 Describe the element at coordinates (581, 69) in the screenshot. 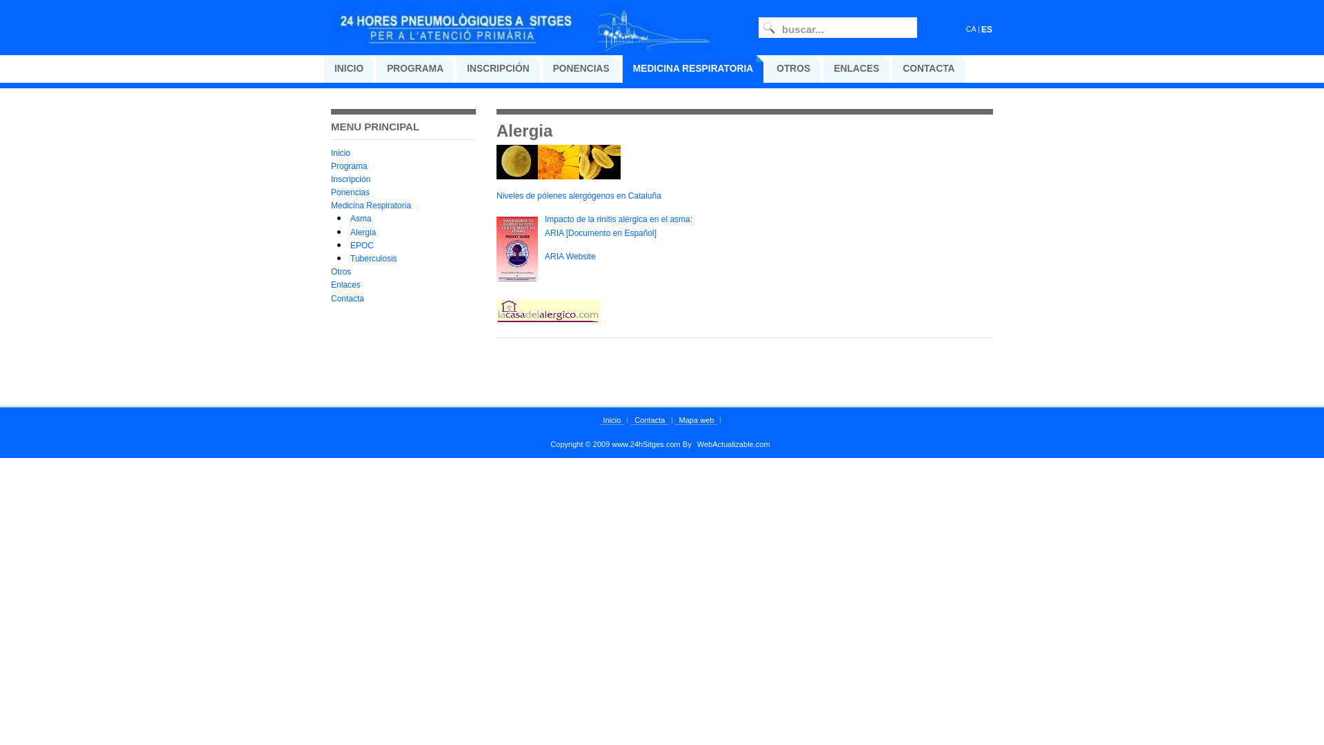

I see `'PONENCIAS'` at that location.